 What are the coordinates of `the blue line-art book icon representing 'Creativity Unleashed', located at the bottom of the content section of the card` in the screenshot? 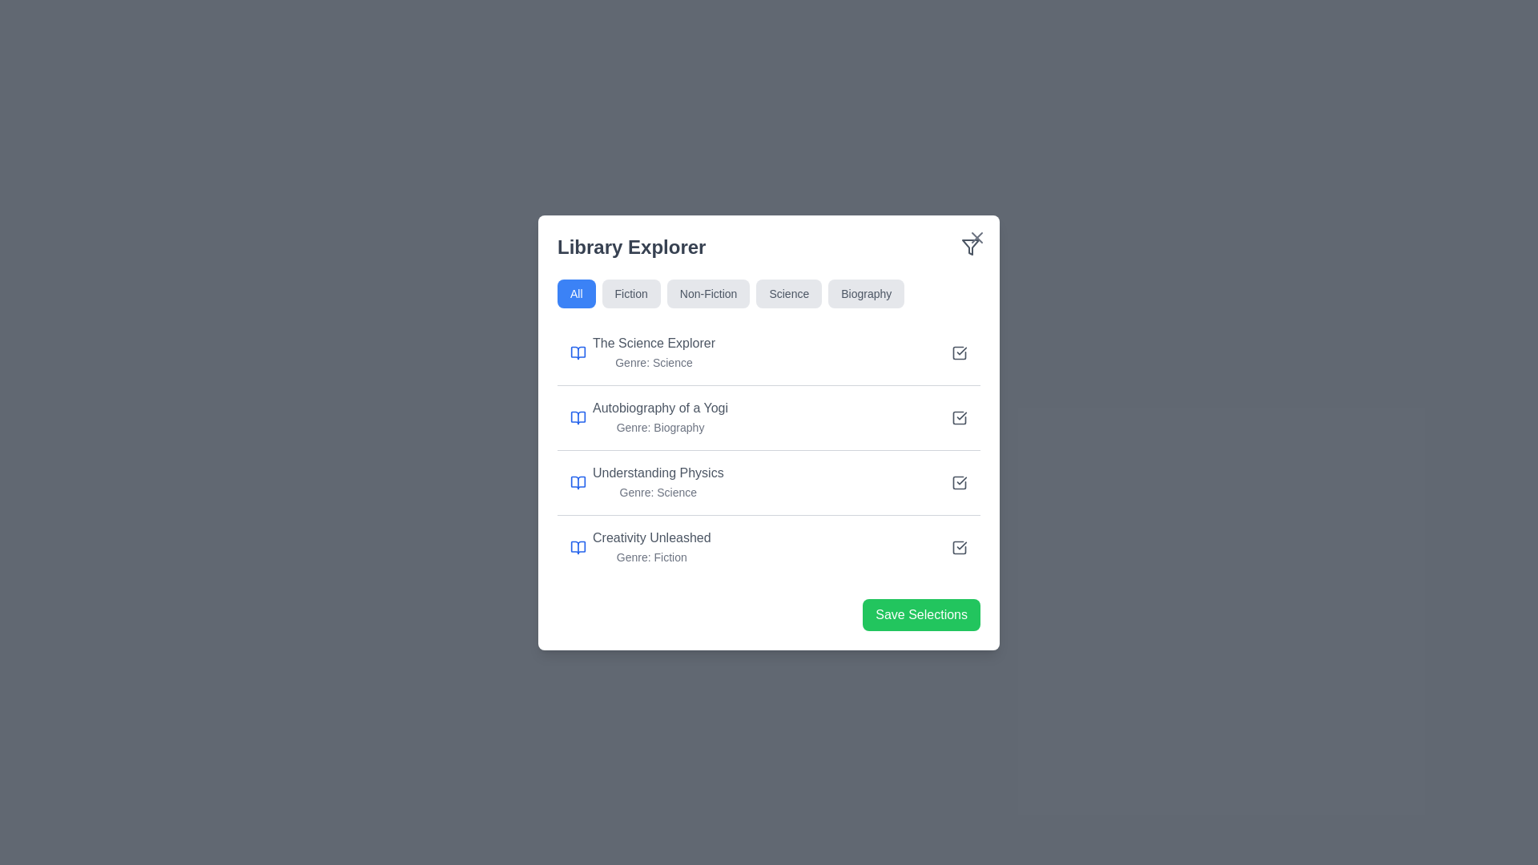 It's located at (577, 546).